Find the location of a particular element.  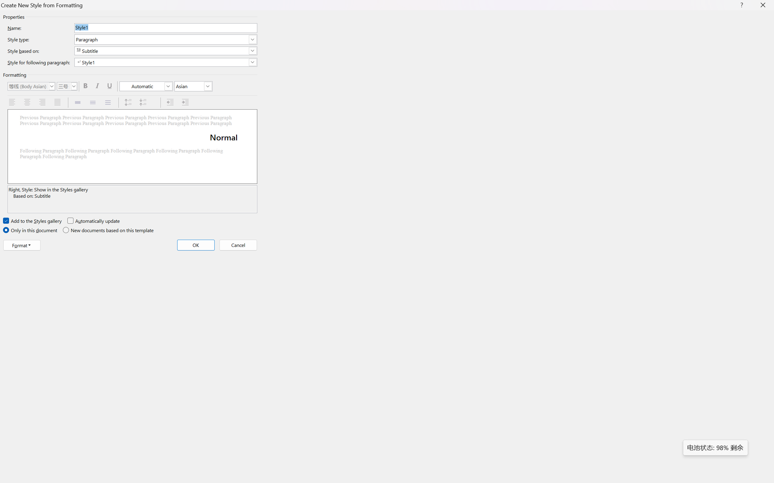

'Align Right' is located at coordinates (43, 102).